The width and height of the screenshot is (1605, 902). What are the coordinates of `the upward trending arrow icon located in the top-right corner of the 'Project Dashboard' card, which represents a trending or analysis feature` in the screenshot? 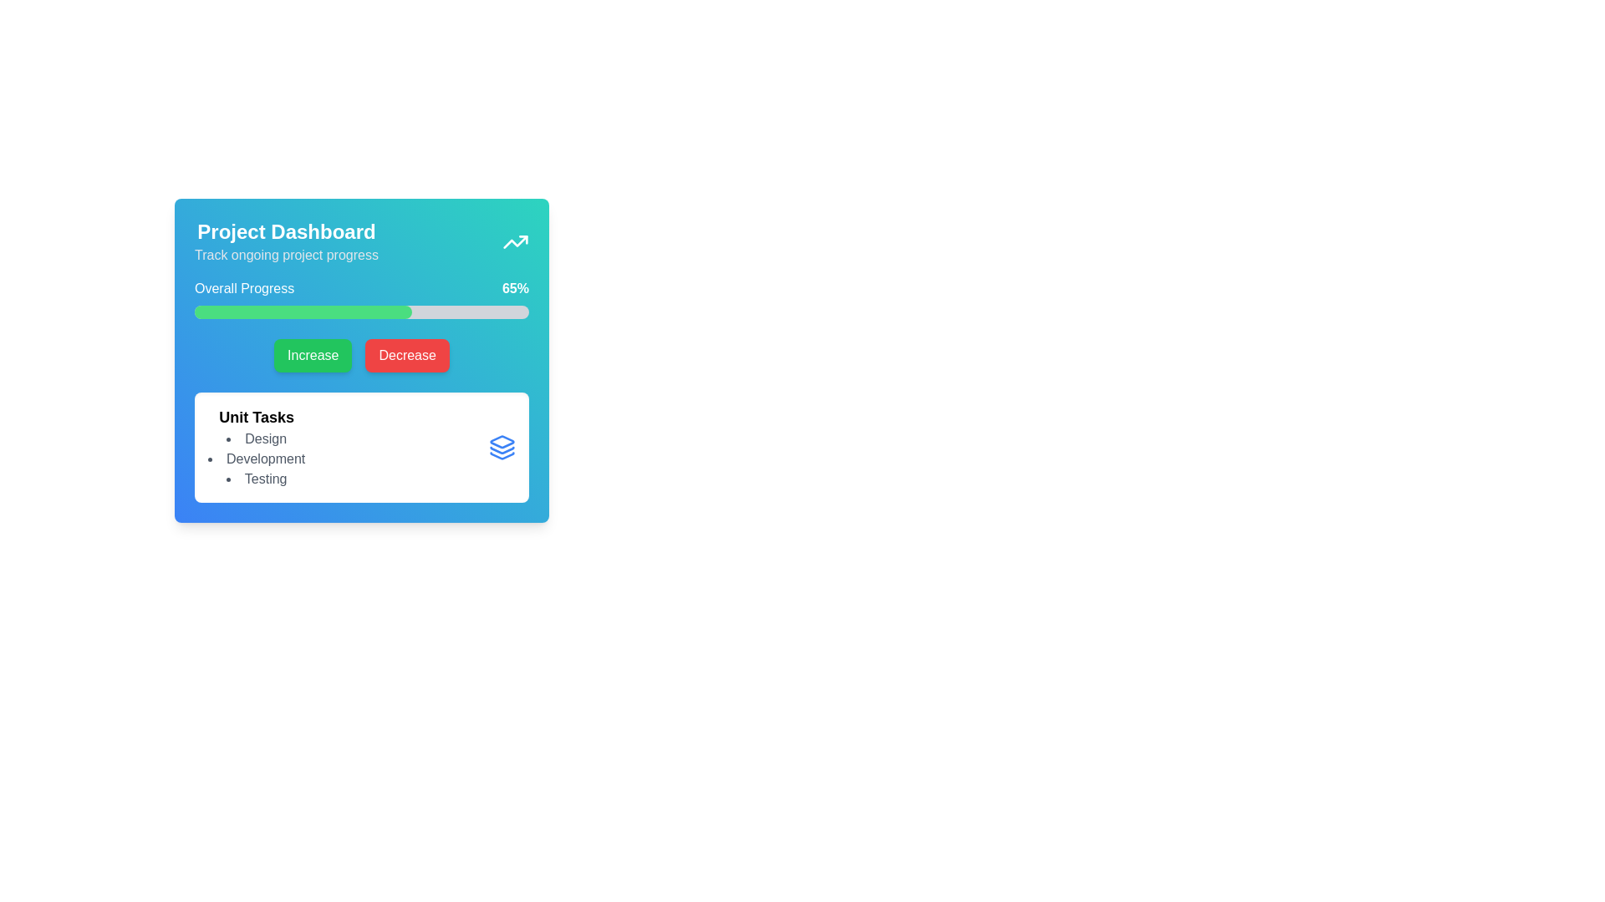 It's located at (515, 241).